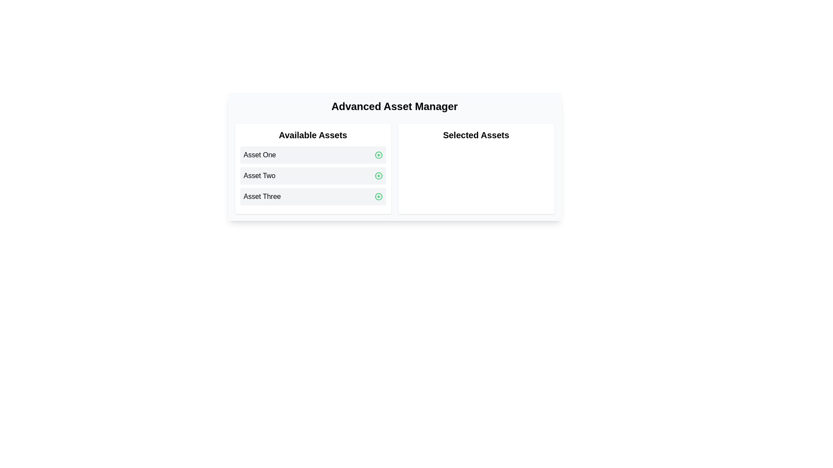 This screenshot has width=833, height=468. What do you see at coordinates (378, 175) in the screenshot?
I see `the icon` at bounding box center [378, 175].